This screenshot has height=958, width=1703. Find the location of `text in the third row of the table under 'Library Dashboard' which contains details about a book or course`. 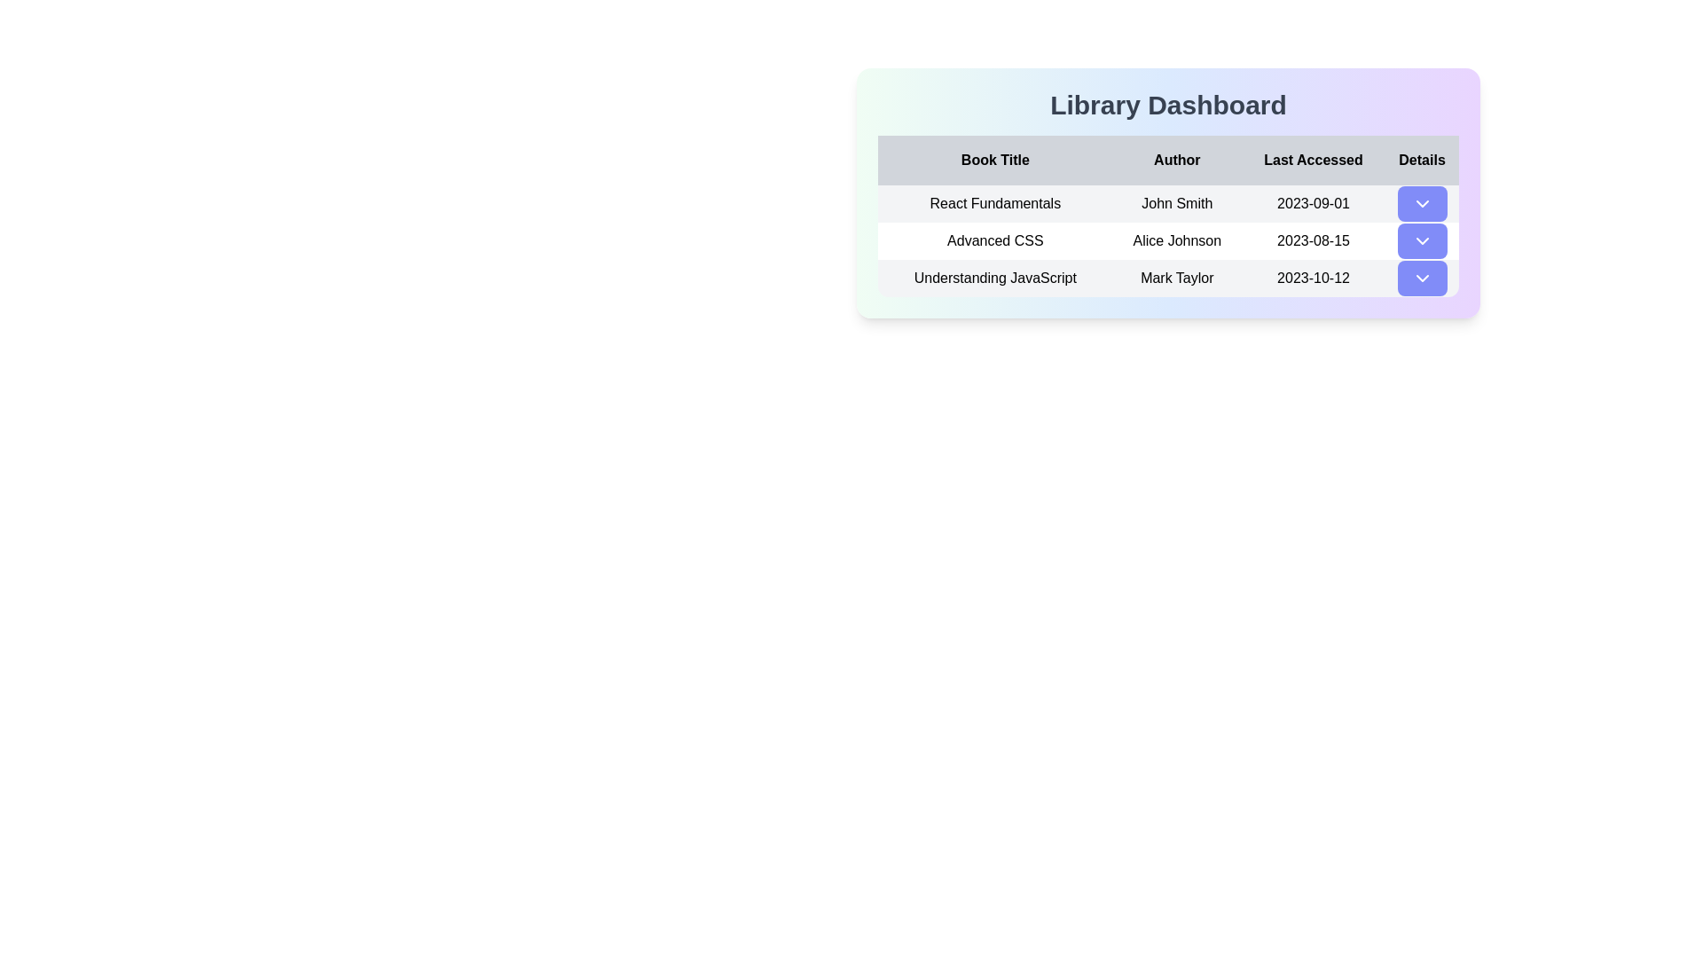

text in the third row of the table under 'Library Dashboard' which contains details about a book or course is located at coordinates (1168, 278).